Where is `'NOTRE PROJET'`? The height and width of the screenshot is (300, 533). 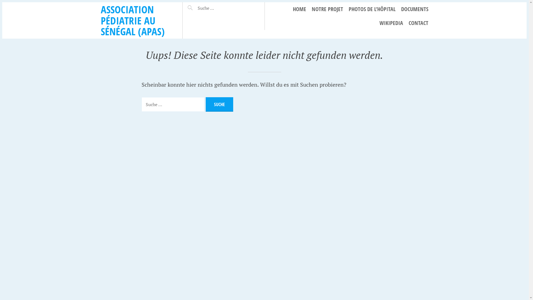
'NOTRE PROJET' is located at coordinates (311, 9).